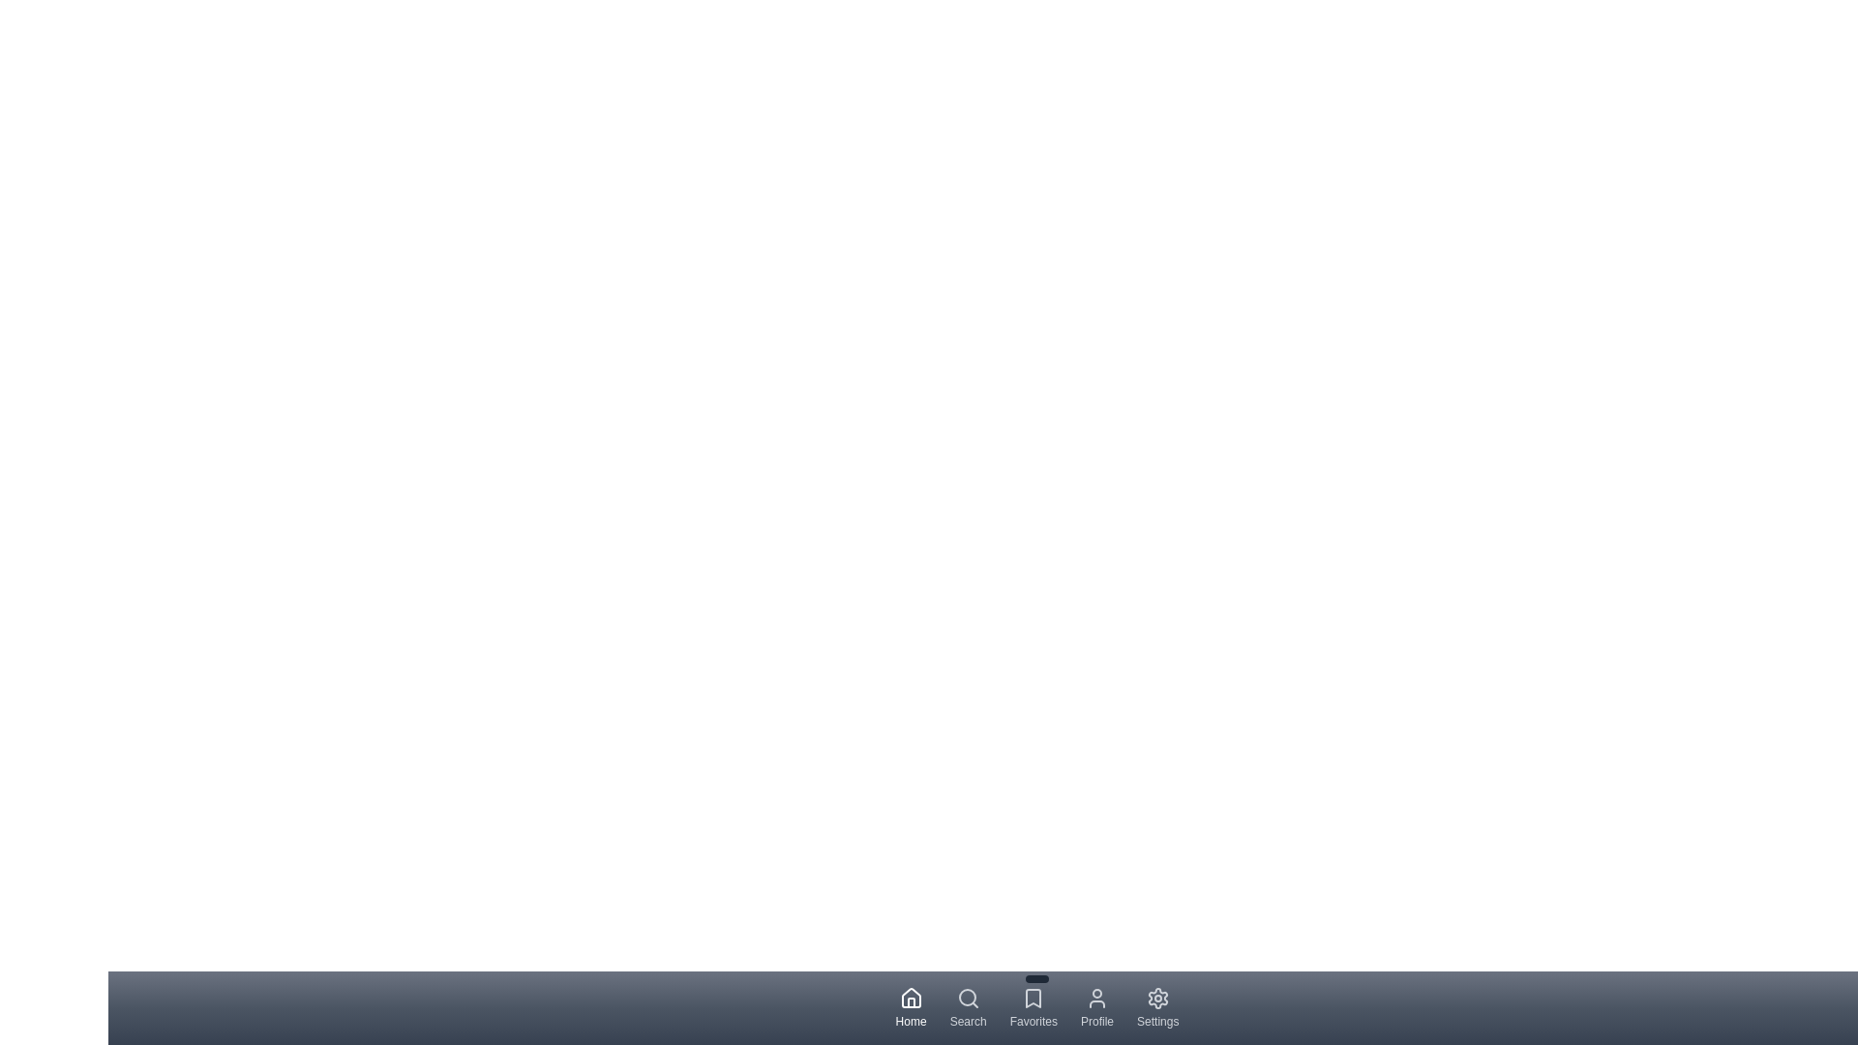 Image resolution: width=1858 pixels, height=1045 pixels. I want to click on the navigation tab labeled Favorites to display its tooltip, so click(1033, 1006).